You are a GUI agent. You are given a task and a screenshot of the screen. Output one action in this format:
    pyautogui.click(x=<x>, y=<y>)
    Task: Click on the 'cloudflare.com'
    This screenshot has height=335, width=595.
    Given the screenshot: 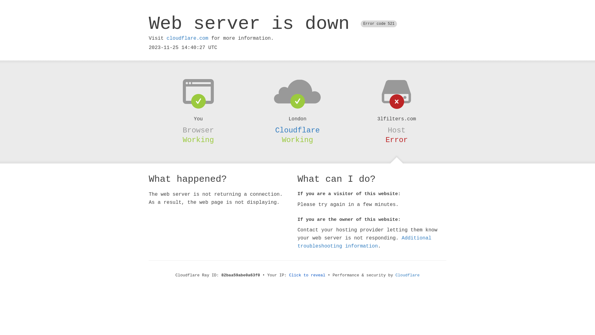 What is the action you would take?
    pyautogui.click(x=187, y=38)
    